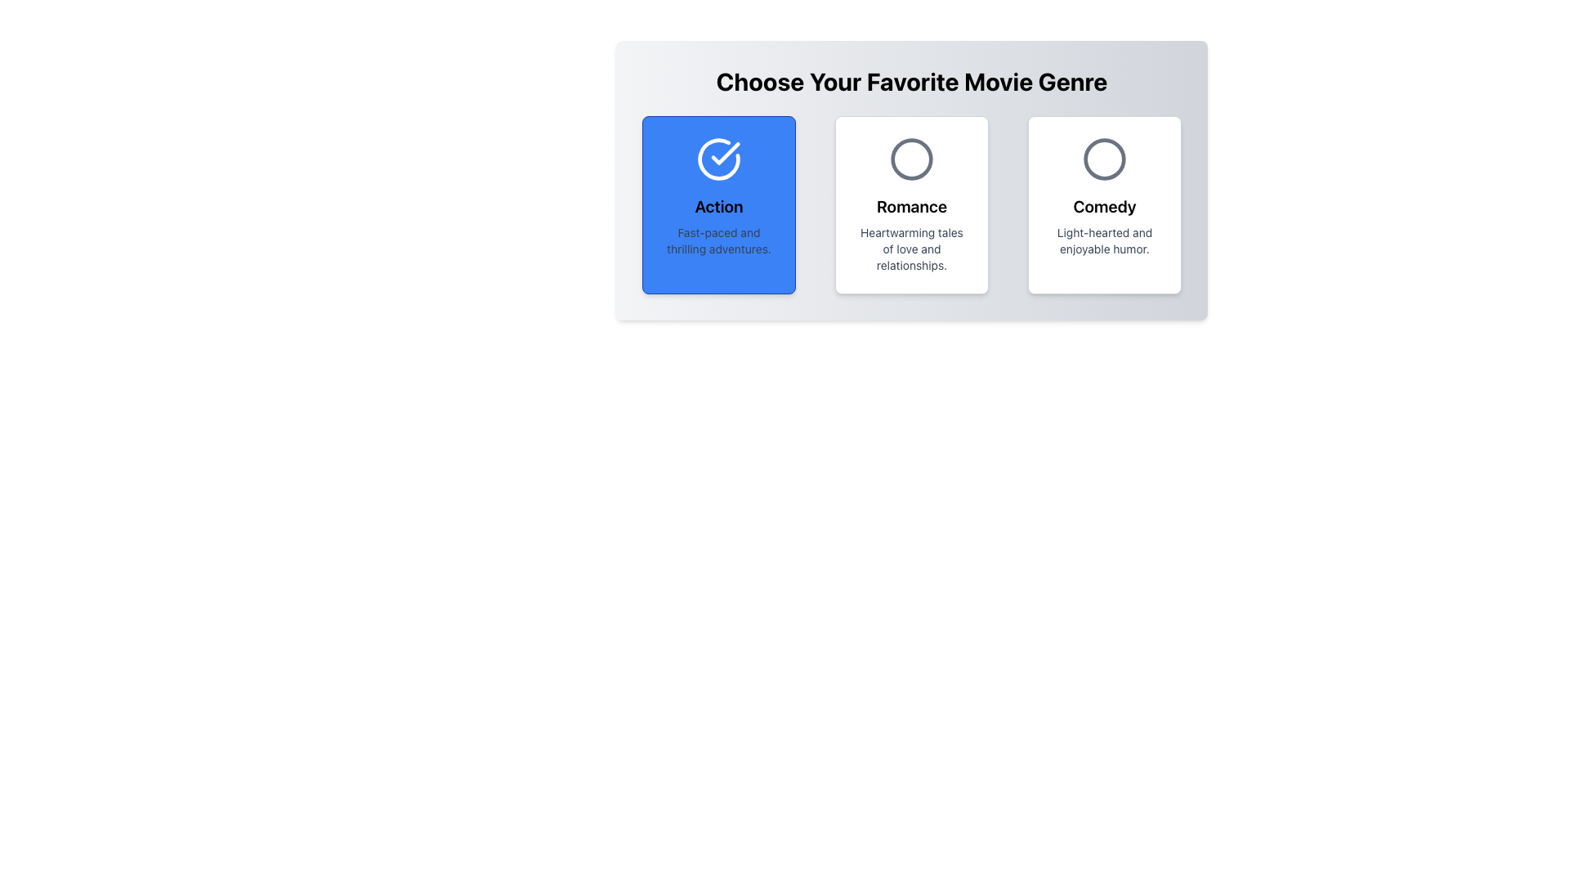 The height and width of the screenshot is (883, 1569). Describe the element at coordinates (718, 240) in the screenshot. I see `text content of the subtitle located at the bottom of the blue card labeled 'Action', which provides additional information about the main heading` at that location.